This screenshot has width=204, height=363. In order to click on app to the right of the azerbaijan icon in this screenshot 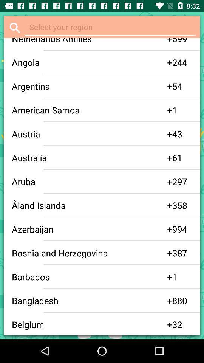, I will do `click(170, 229)`.